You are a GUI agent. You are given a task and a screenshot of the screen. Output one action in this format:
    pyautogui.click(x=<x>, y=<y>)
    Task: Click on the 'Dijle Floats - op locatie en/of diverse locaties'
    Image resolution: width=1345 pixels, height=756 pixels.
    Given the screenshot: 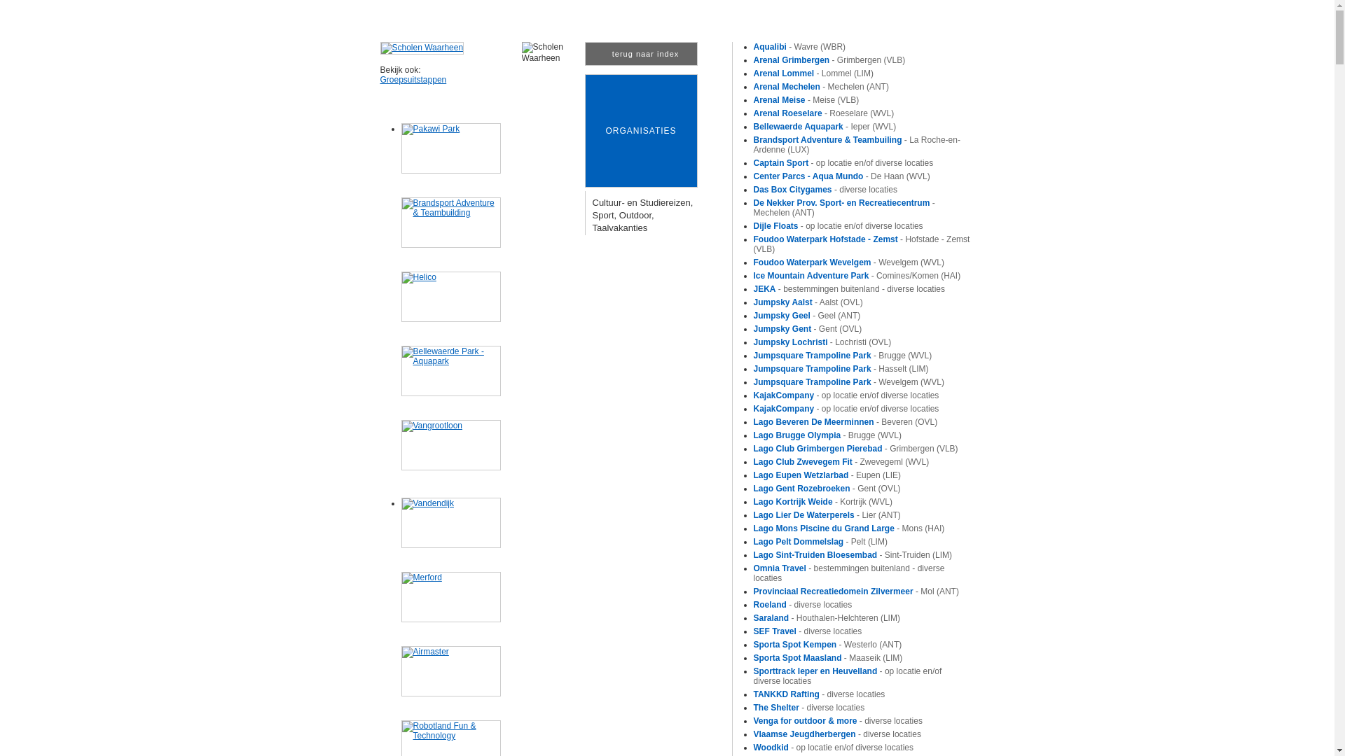 What is the action you would take?
    pyautogui.click(x=752, y=225)
    